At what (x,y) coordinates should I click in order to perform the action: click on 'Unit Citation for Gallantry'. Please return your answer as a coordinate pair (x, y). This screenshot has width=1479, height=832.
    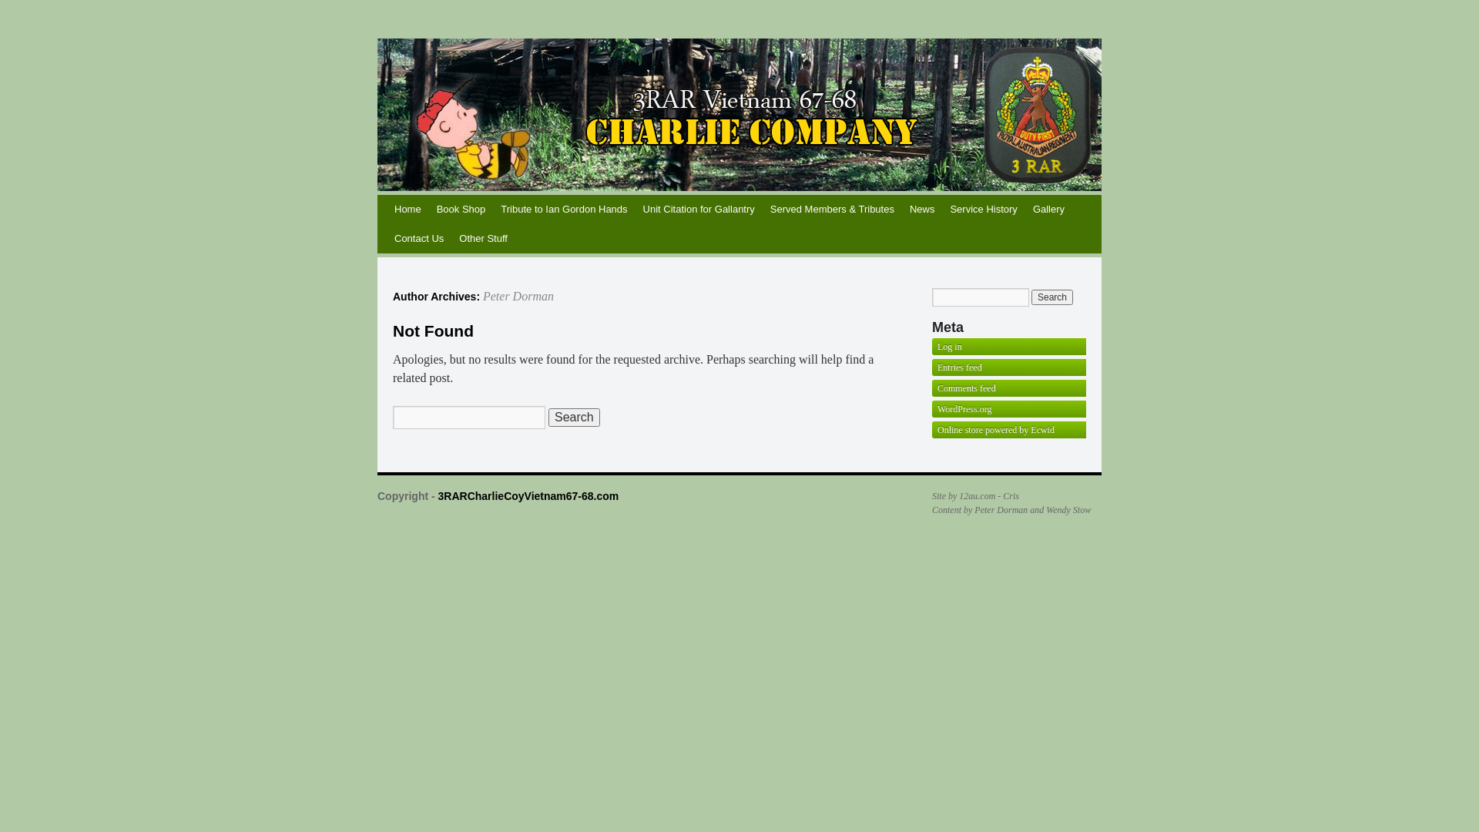
    Looking at the image, I should click on (698, 210).